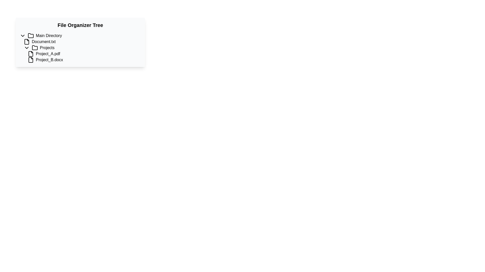 The width and height of the screenshot is (485, 272). What do you see at coordinates (80, 36) in the screenshot?
I see `the collapsible tree node labeled 'Main Directory'` at bounding box center [80, 36].